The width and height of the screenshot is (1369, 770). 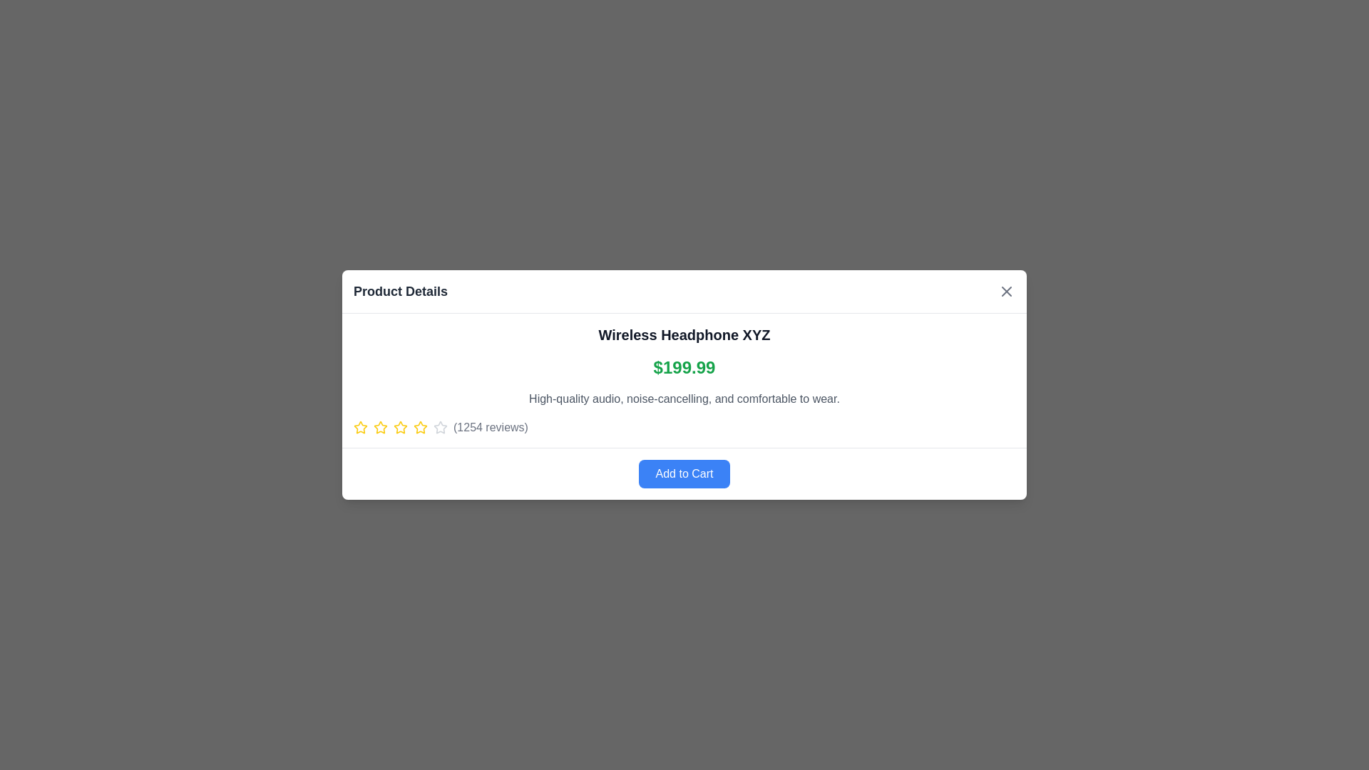 I want to click on the third yellow star icon with a hollow outline in the review section beneath the product information area, so click(x=380, y=427).